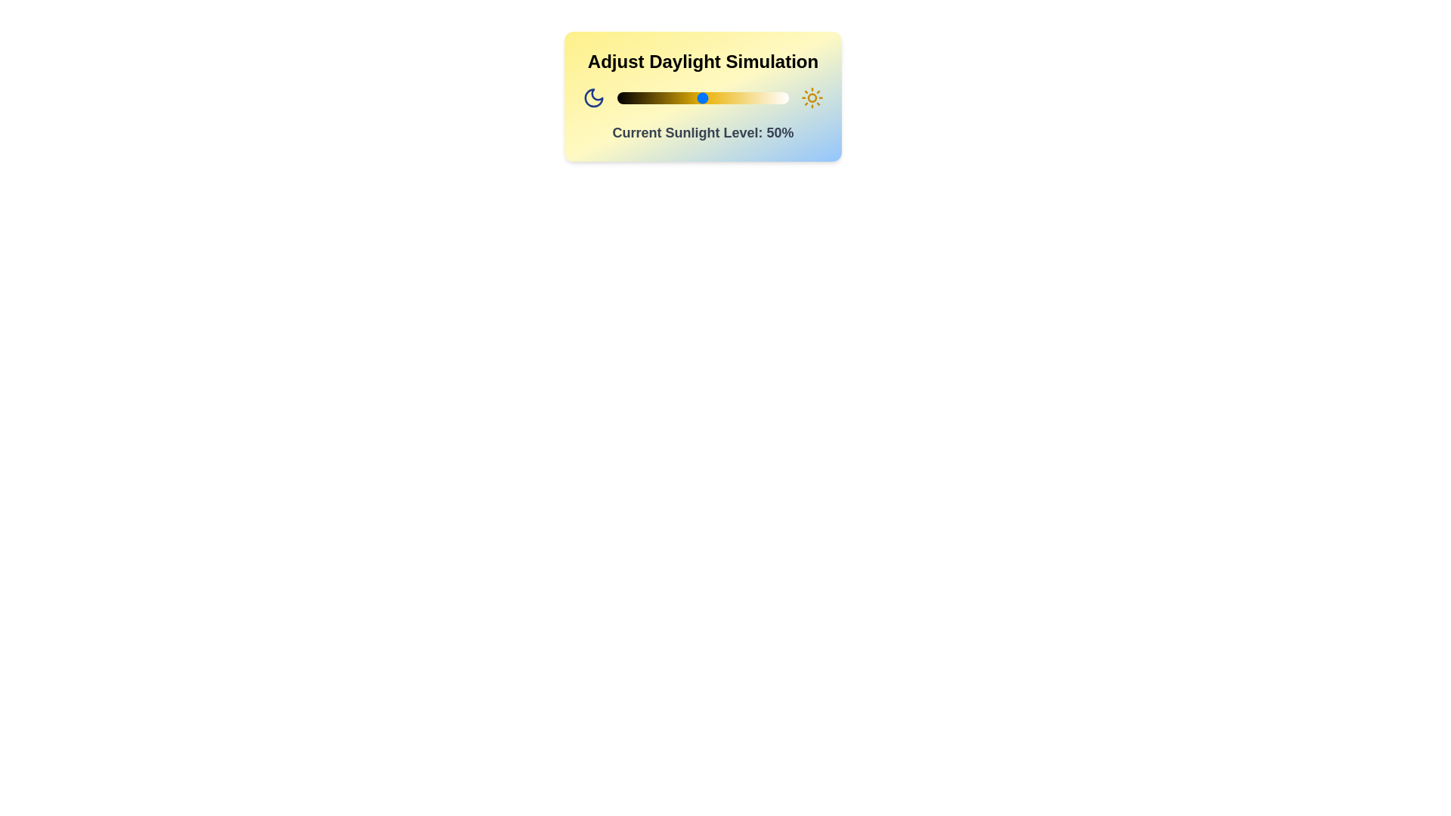  I want to click on the sunlight level to 61% by interacting with the slider, so click(721, 98).